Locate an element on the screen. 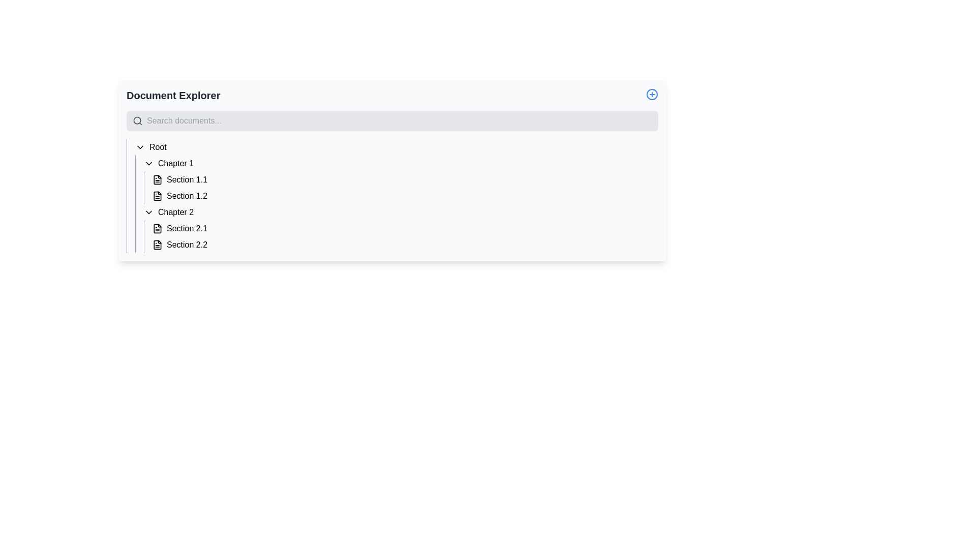 The width and height of the screenshot is (976, 549). the circular shape of the magnifying glass icon is located at coordinates (137, 120).